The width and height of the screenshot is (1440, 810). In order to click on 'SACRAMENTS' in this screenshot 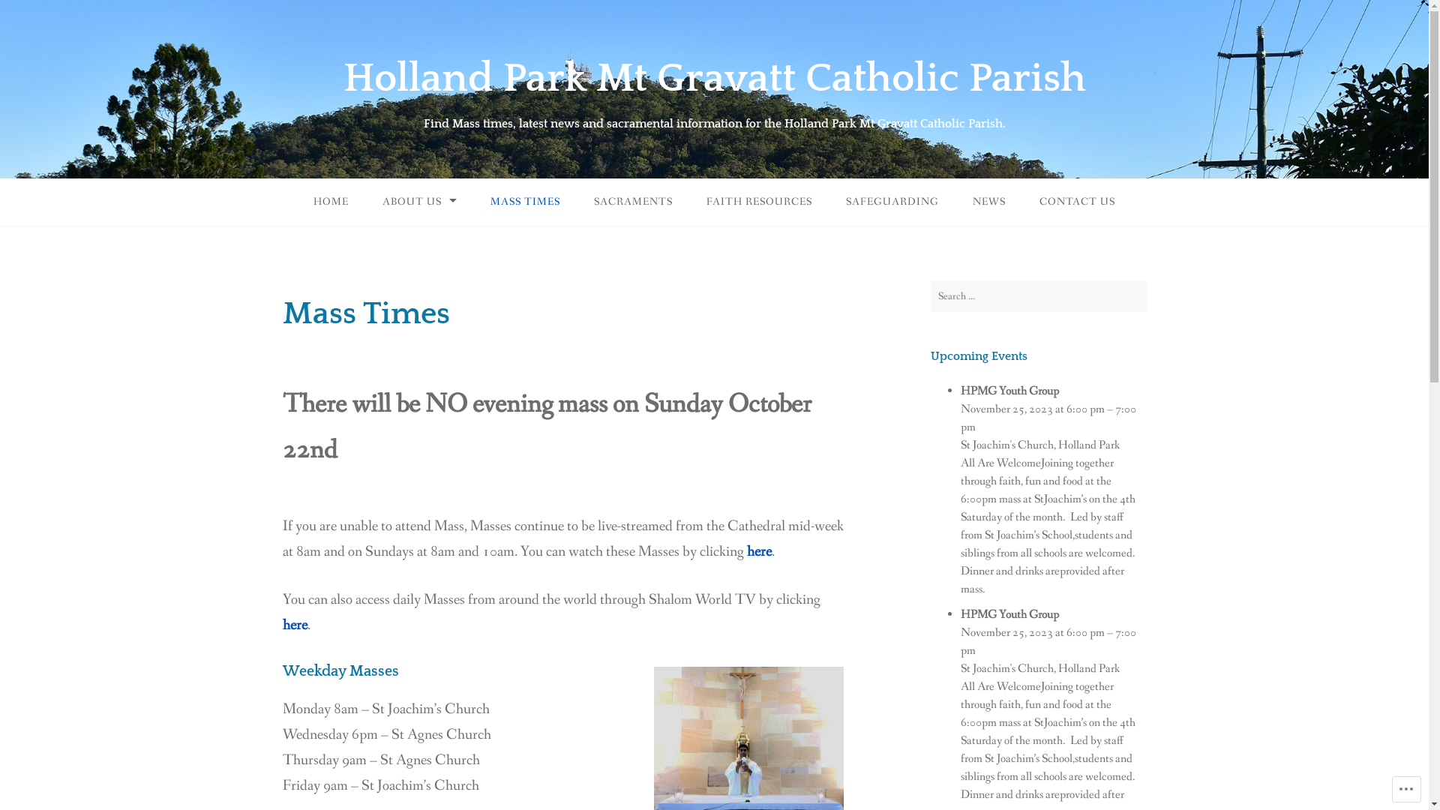, I will do `click(633, 201)`.